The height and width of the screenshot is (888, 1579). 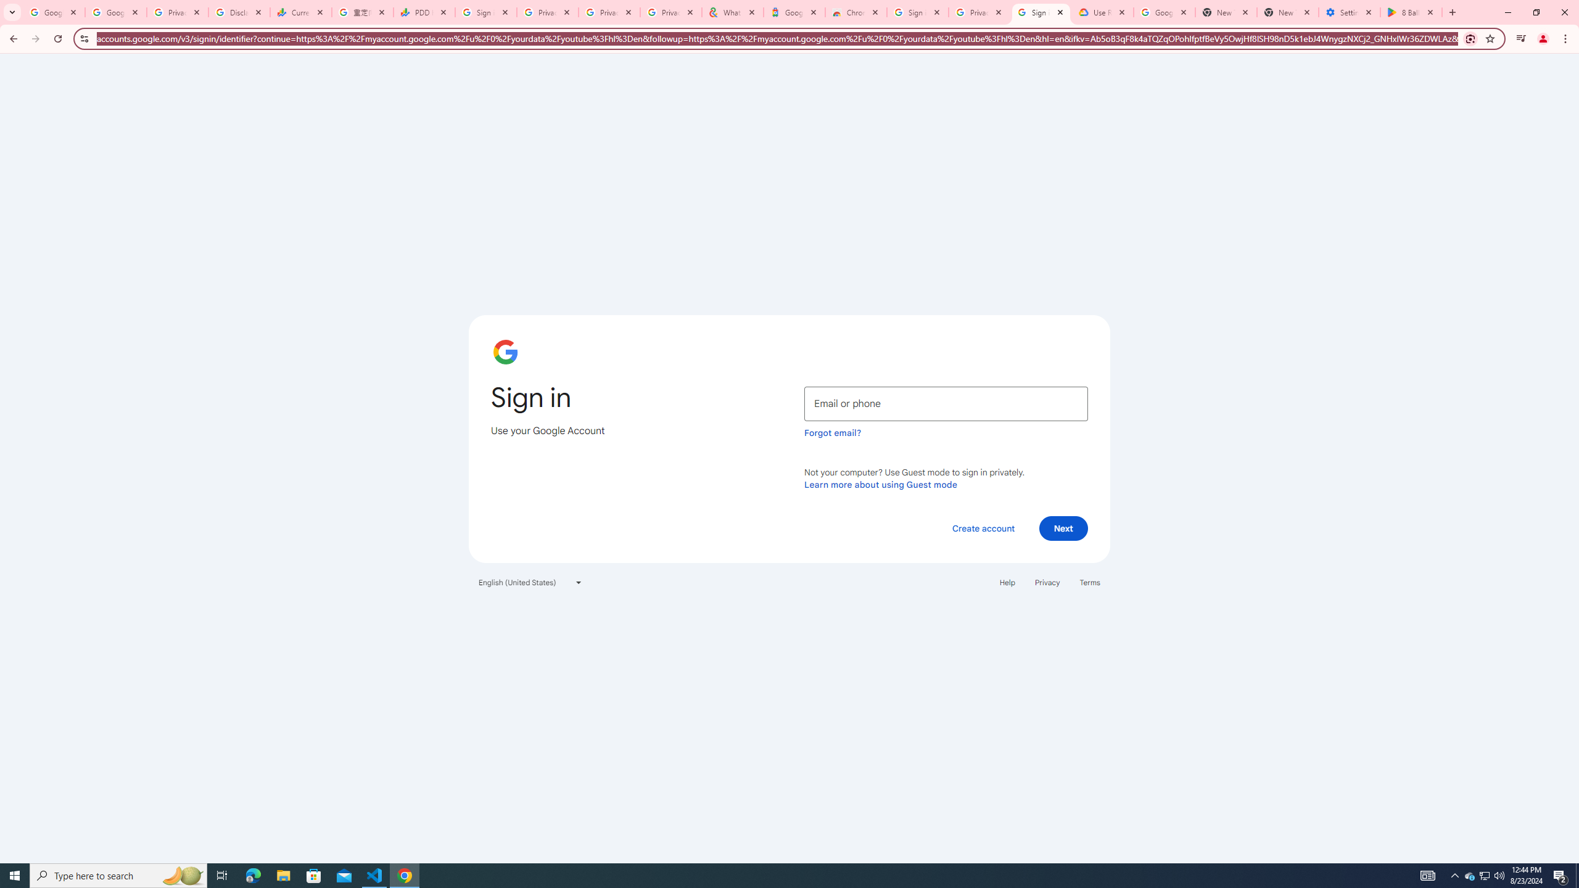 What do you see at coordinates (983, 527) in the screenshot?
I see `'Create account'` at bounding box center [983, 527].